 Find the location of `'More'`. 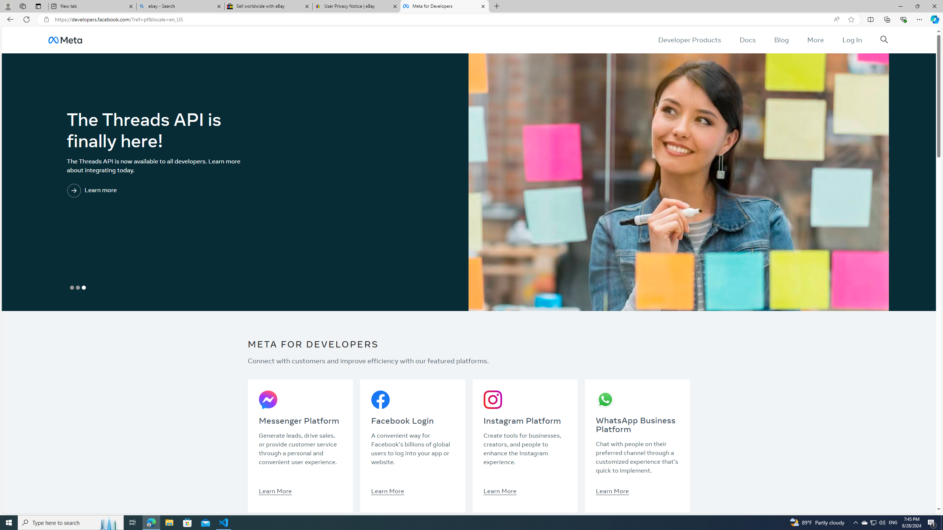

'More' is located at coordinates (815, 39).